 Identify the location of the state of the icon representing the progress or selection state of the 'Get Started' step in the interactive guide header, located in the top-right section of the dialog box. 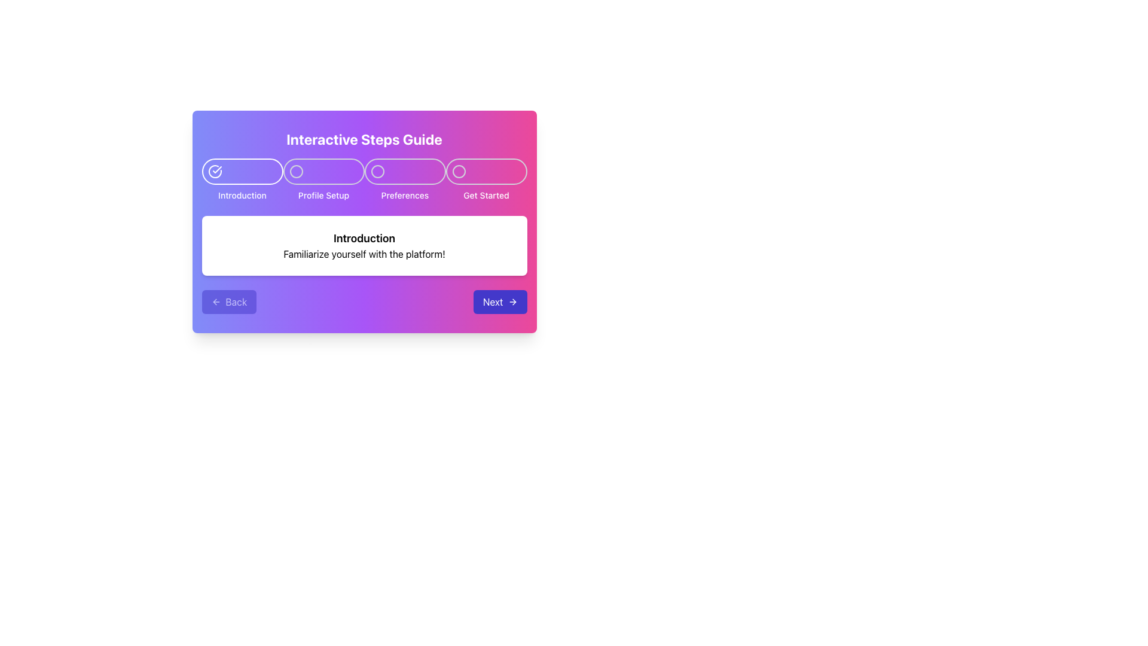
(486, 171).